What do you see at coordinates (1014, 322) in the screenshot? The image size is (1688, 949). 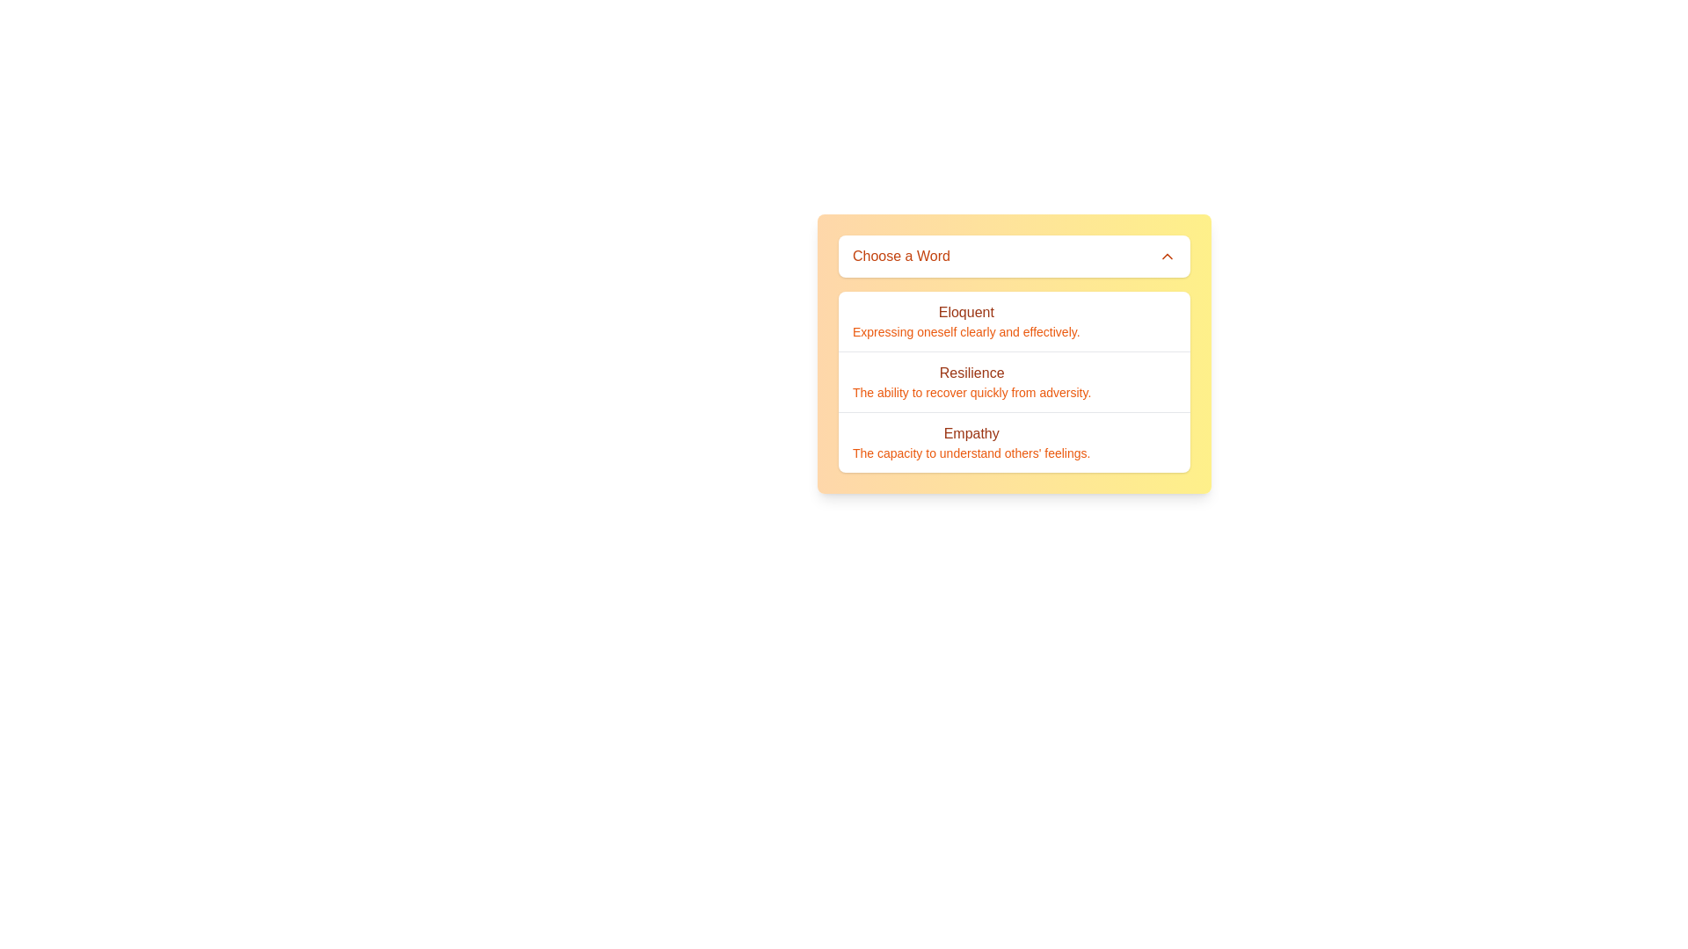 I see `to select the interactive list item option titled 'Eloquent' located beneath the header 'Choose a Word'` at bounding box center [1014, 322].